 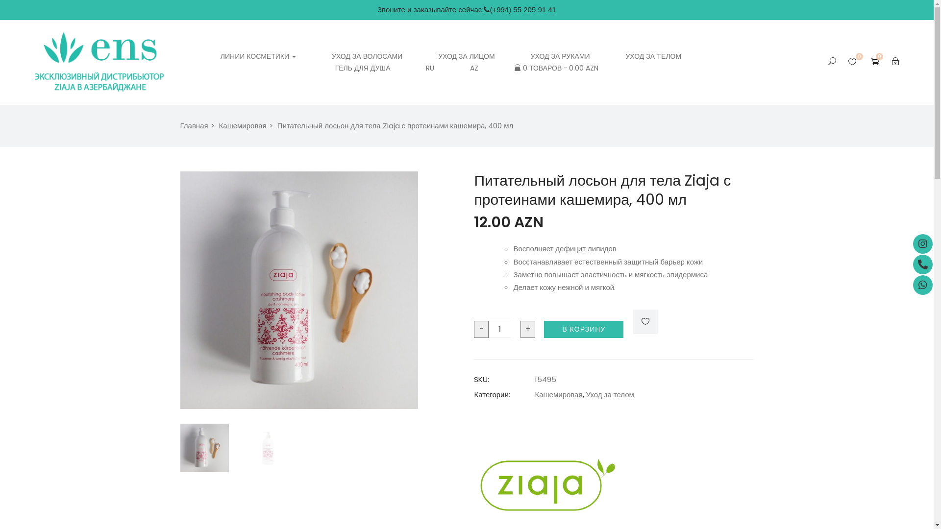 I want to click on '-', so click(x=481, y=329).